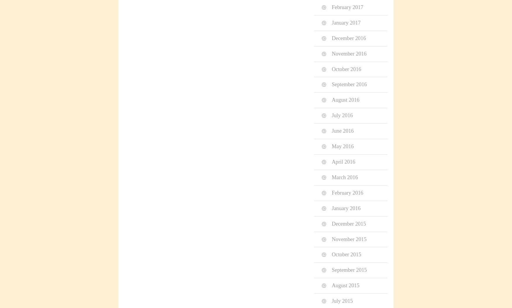  What do you see at coordinates (331, 7) in the screenshot?
I see `'February 2017'` at bounding box center [331, 7].